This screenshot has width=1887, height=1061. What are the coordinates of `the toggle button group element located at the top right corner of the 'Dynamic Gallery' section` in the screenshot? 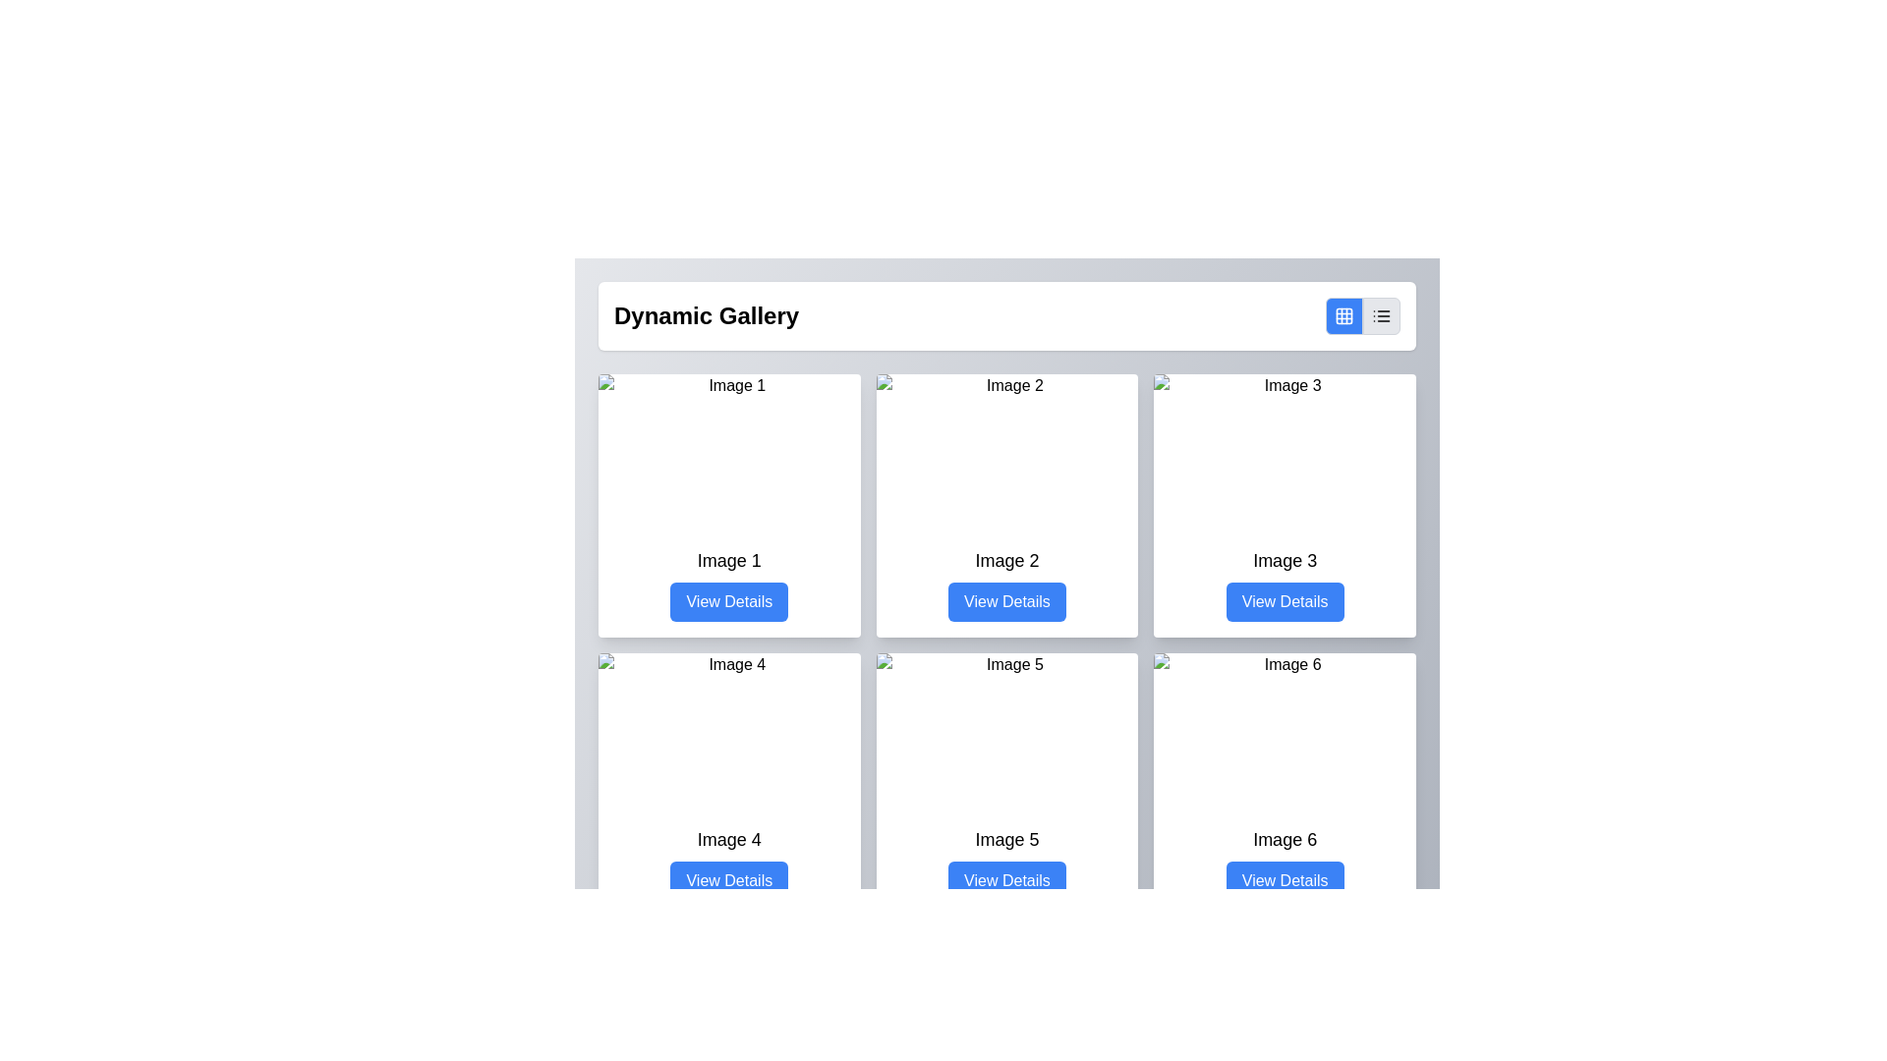 It's located at (1362, 314).